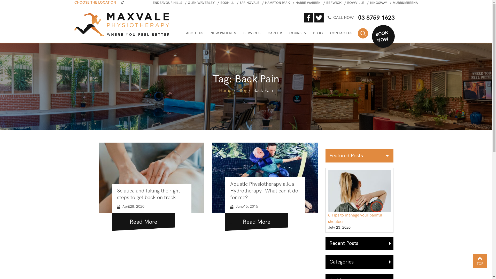 Image resolution: width=496 pixels, height=279 pixels. I want to click on 'KINGSWAY', so click(378, 3).